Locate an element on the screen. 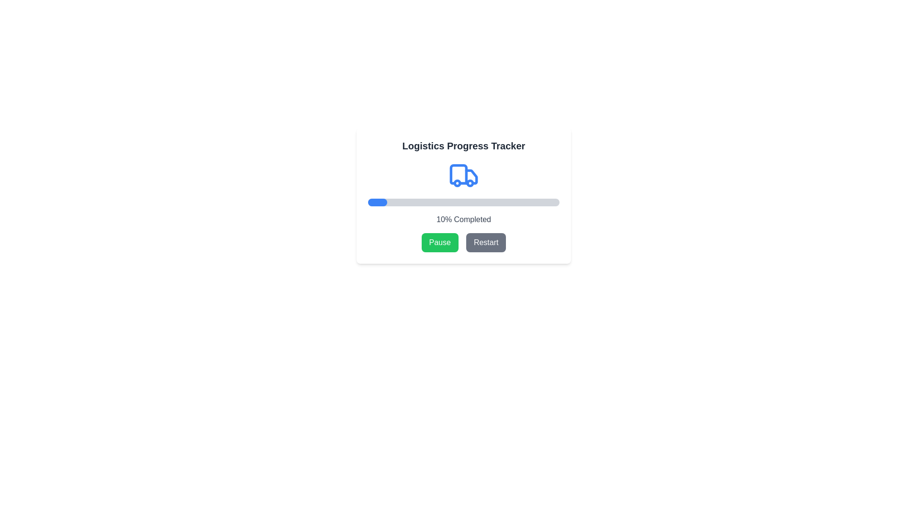 The height and width of the screenshot is (517, 919). the logistics-themed icon located centrally below the title 'Logistics Progress Tracker' and above the progress bar, identifiable by its distinct blue color is located at coordinates (464, 175).